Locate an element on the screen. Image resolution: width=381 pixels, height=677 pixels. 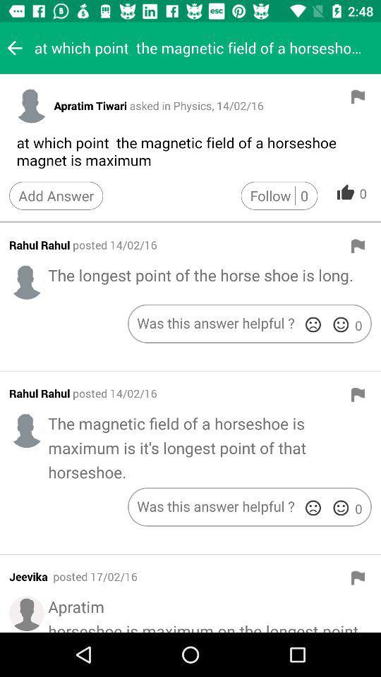
flag the post is located at coordinates (358, 96).